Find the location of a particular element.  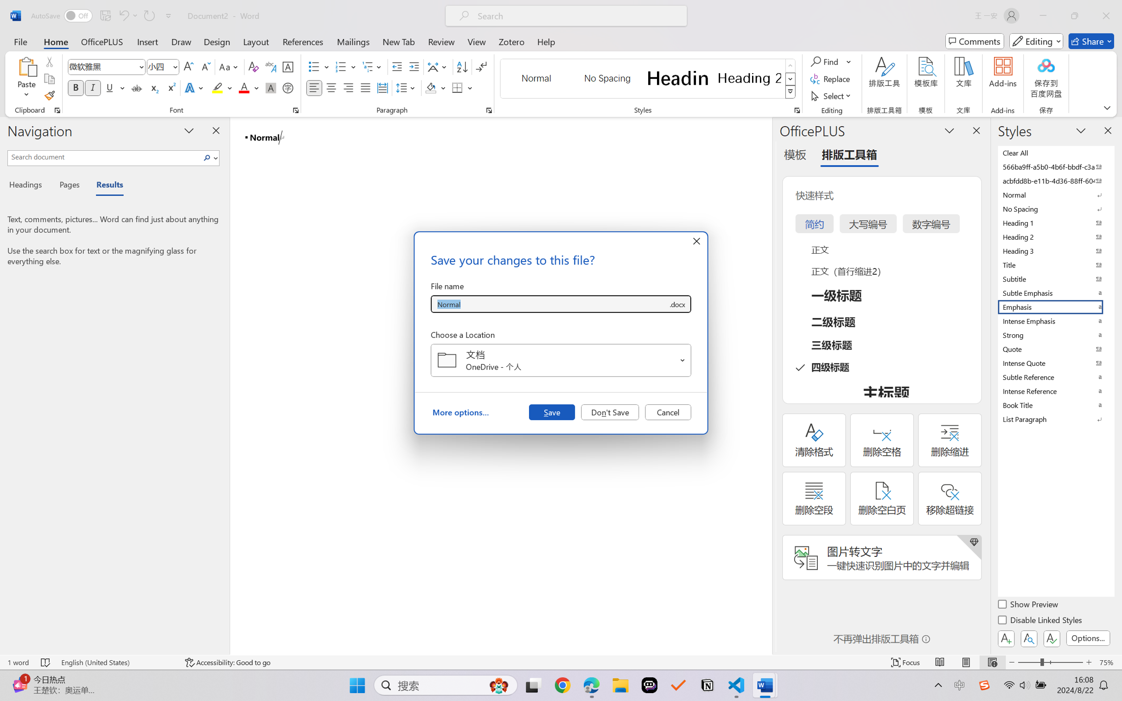

'Cancel' is located at coordinates (668, 411).